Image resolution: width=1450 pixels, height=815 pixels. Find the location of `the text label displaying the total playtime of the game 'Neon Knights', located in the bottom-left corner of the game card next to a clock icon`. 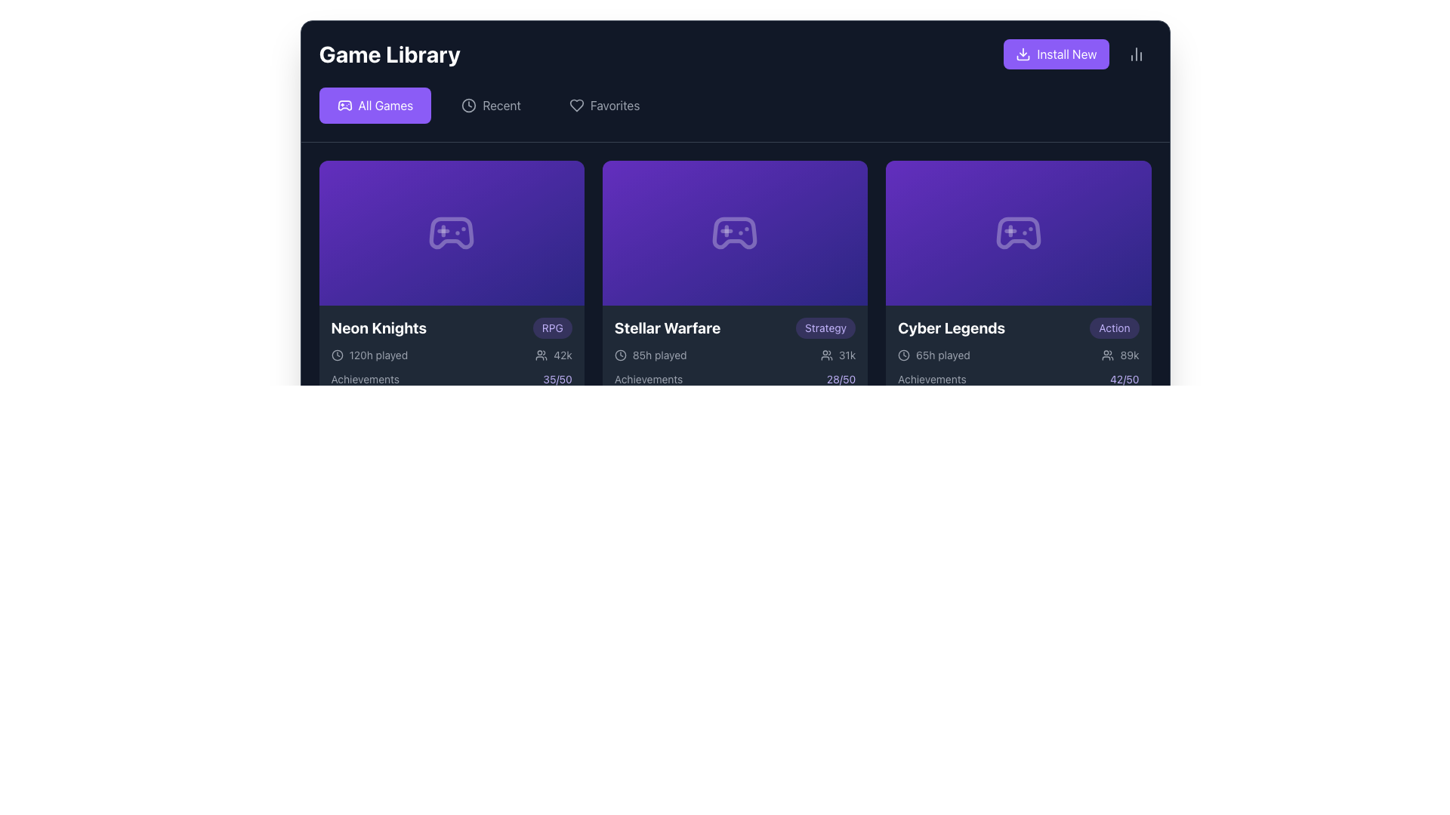

the text label displaying the total playtime of the game 'Neon Knights', located in the bottom-left corner of the game card next to a clock icon is located at coordinates (378, 355).